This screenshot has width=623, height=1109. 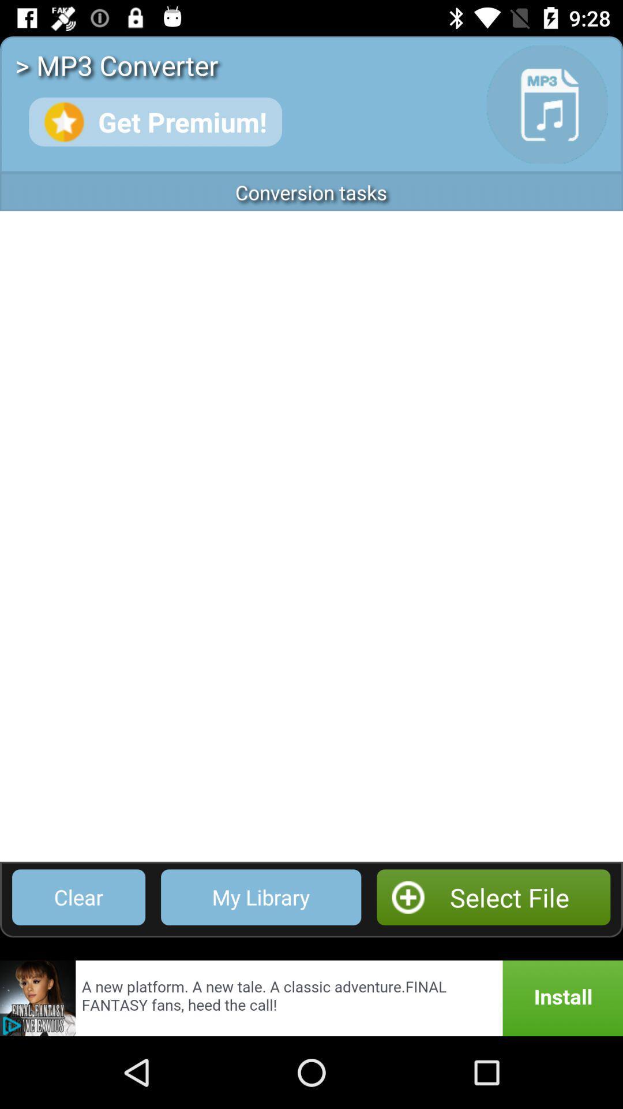 What do you see at coordinates (261, 896) in the screenshot?
I see `my library` at bounding box center [261, 896].